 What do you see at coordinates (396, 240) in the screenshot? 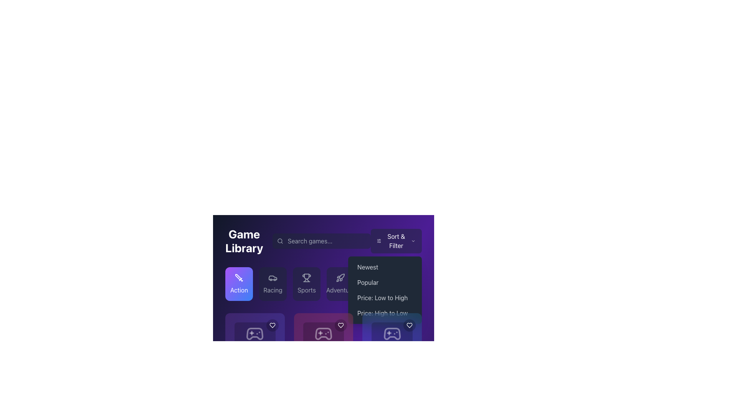
I see `the button located in the top-right corner of the 'Game Library' section` at bounding box center [396, 240].